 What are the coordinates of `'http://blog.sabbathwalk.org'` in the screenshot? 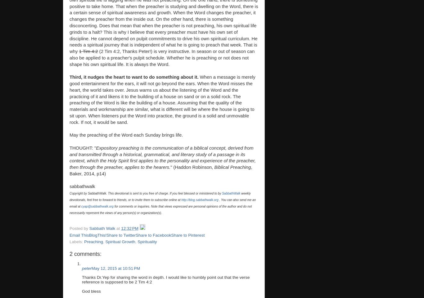 It's located at (181, 200).